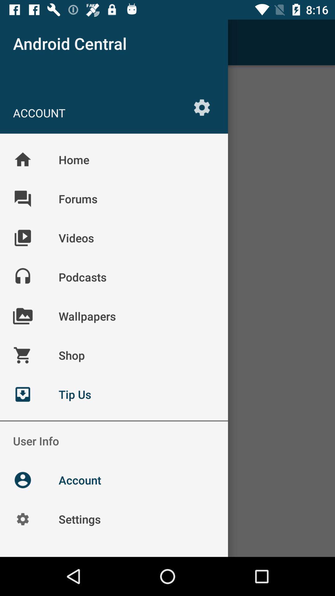  What do you see at coordinates (22, 42) in the screenshot?
I see `the item above account` at bounding box center [22, 42].